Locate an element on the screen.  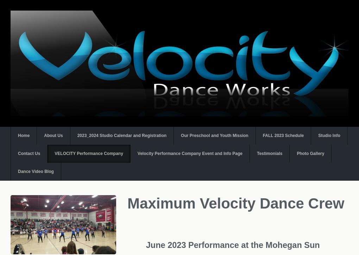
'June 2023 Performance at the Mohegan Sun' is located at coordinates (234, 244).